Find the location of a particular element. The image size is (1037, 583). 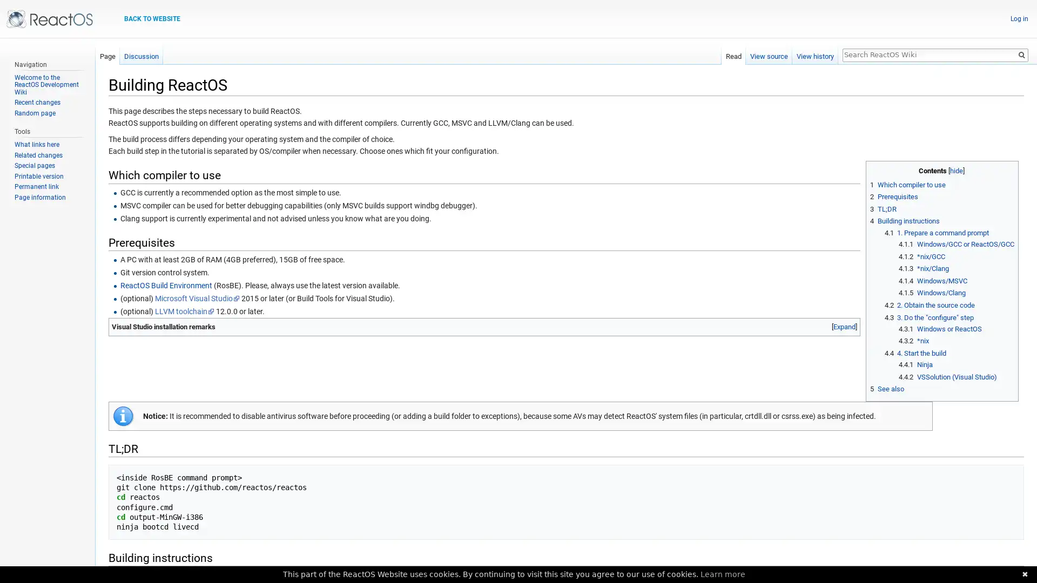

hide is located at coordinates (956, 170).